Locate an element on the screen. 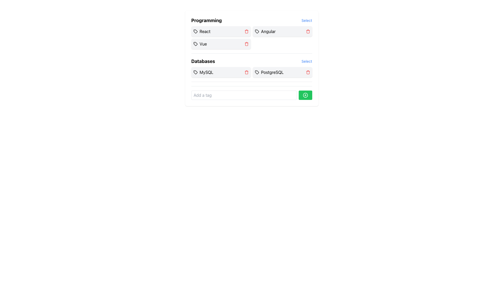 Image resolution: width=500 pixels, height=281 pixels. the bold, large-sized text label 'Programming' positioned at the top left of the section, which serves as a header and is located to the left of the 'Select' button is located at coordinates (206, 20).